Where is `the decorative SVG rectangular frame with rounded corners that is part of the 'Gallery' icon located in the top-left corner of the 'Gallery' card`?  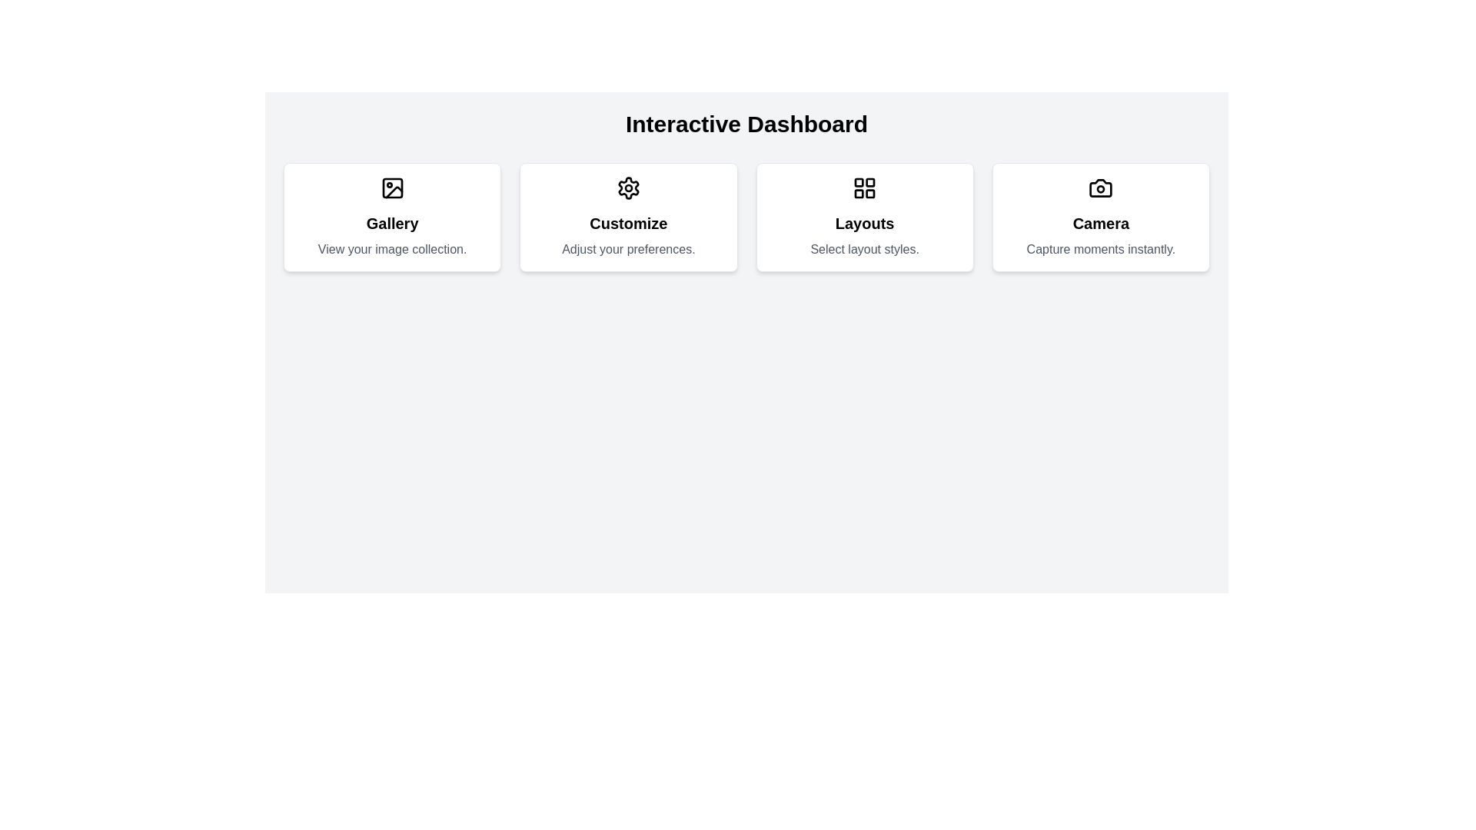
the decorative SVG rectangular frame with rounded corners that is part of the 'Gallery' icon located in the top-left corner of the 'Gallery' card is located at coordinates (392, 188).